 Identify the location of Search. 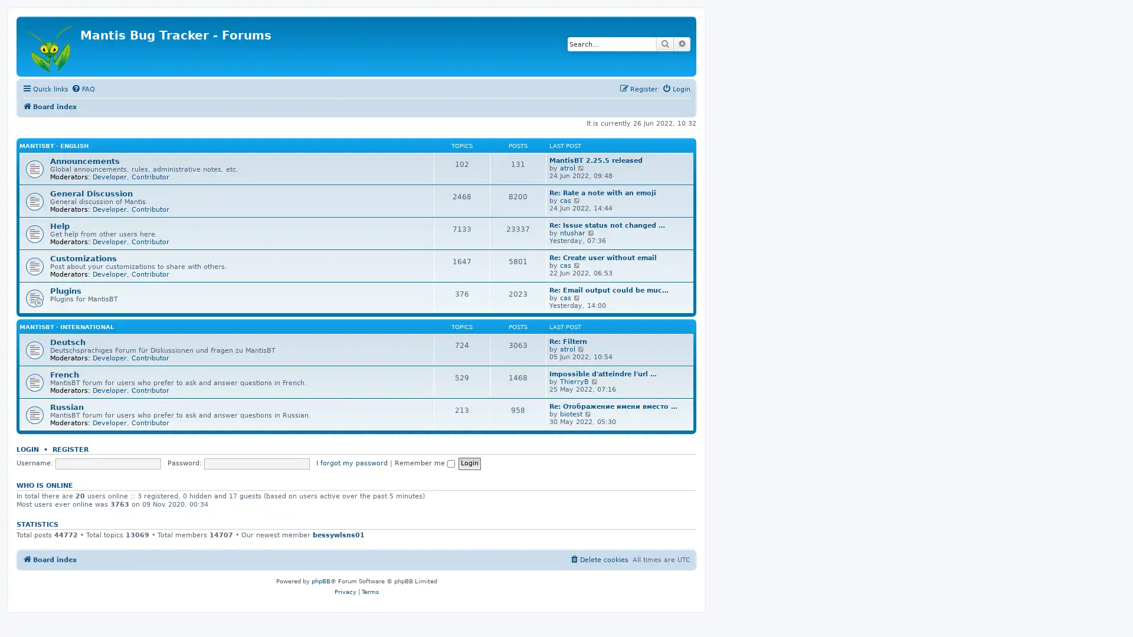
(665, 43).